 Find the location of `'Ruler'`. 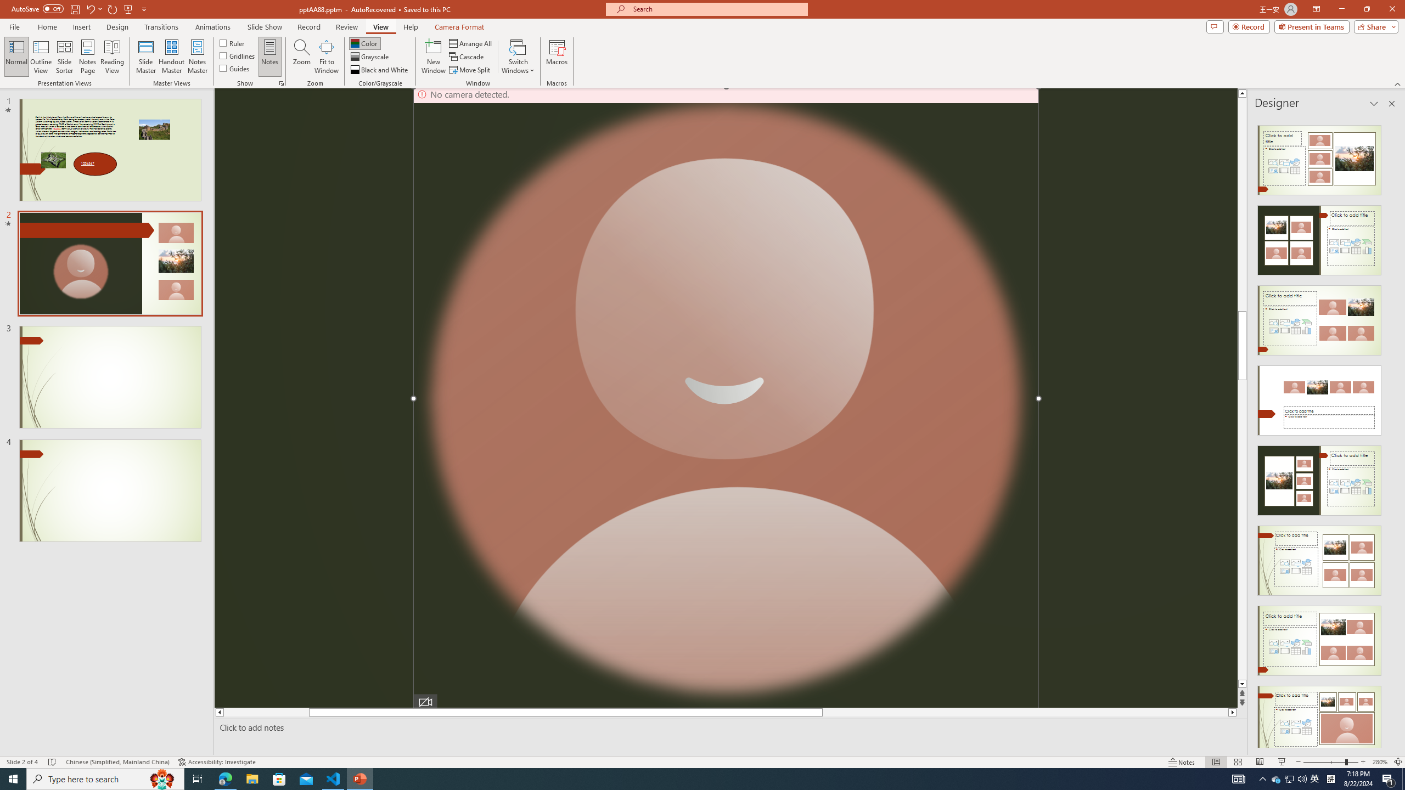

'Ruler' is located at coordinates (232, 42).